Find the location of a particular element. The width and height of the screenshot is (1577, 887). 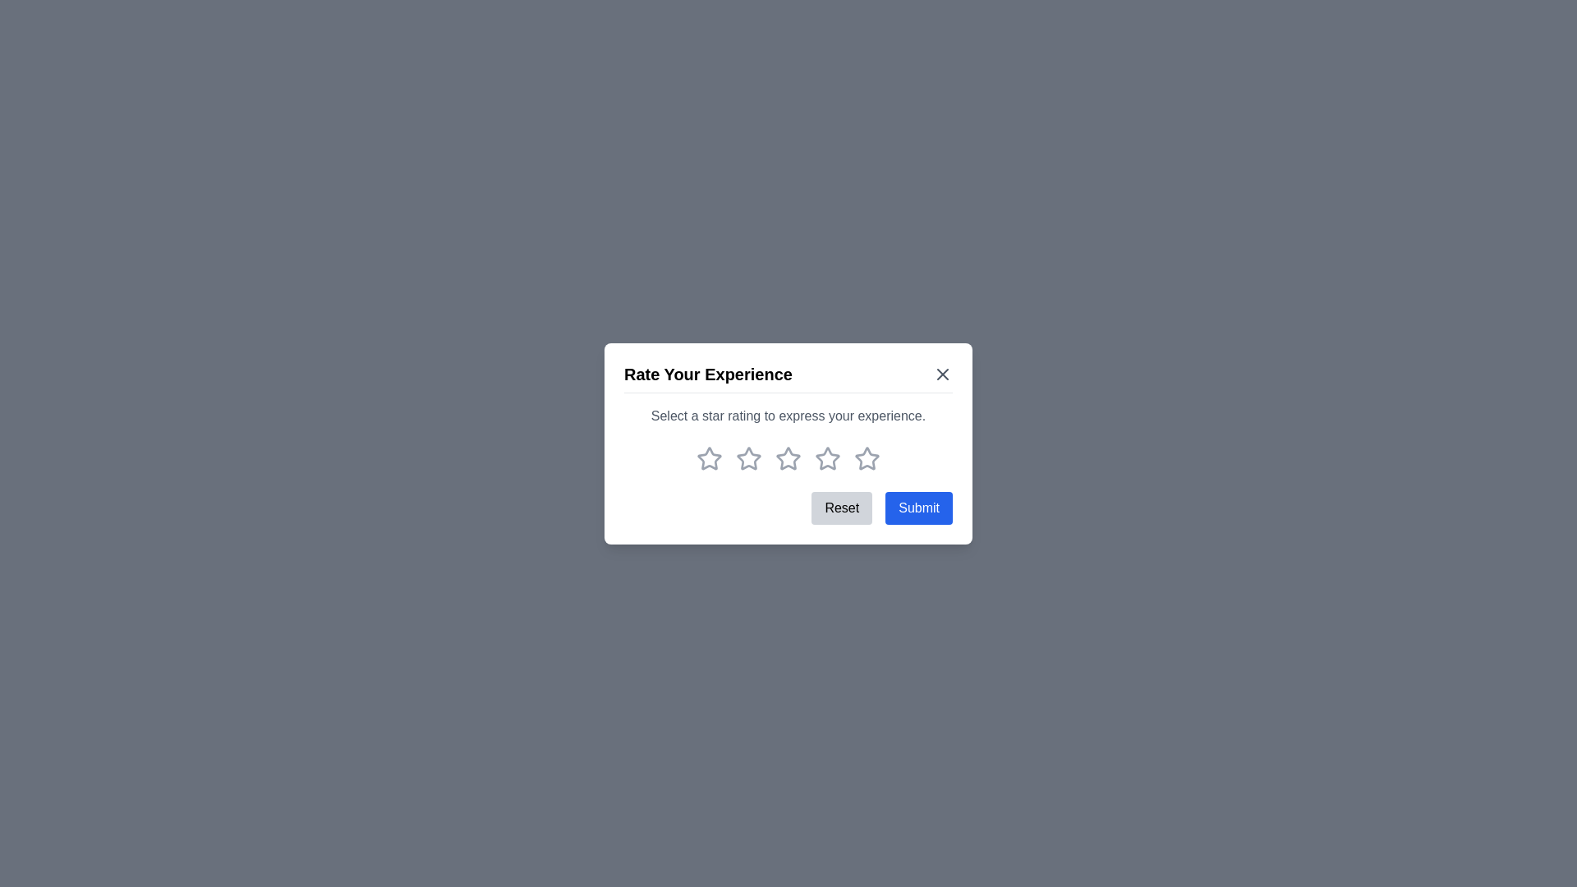

the rating to 2 stars by clicking on the corresponding star is located at coordinates (748, 458).